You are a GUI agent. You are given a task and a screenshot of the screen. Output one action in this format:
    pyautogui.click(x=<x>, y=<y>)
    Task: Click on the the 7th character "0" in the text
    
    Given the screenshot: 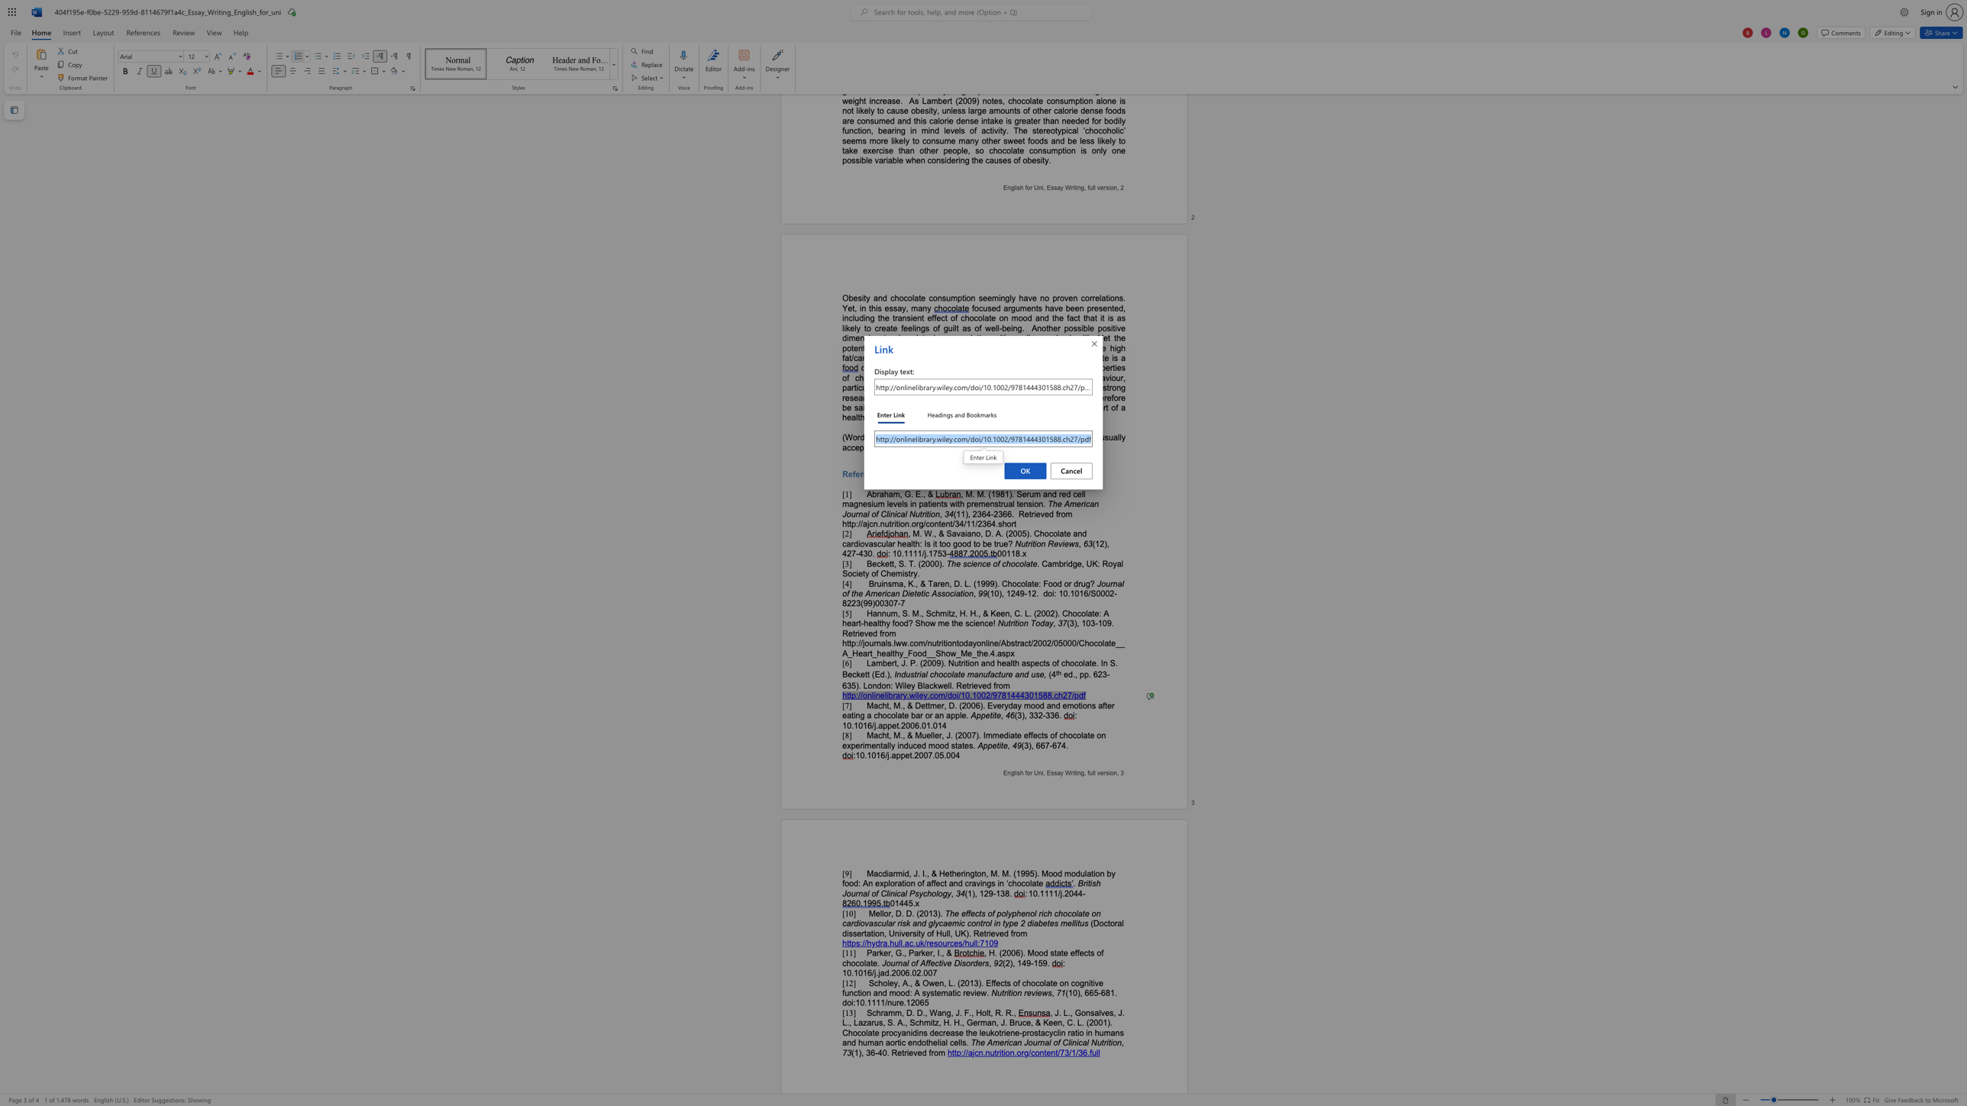 What is the action you would take?
    pyautogui.click(x=951, y=755)
    